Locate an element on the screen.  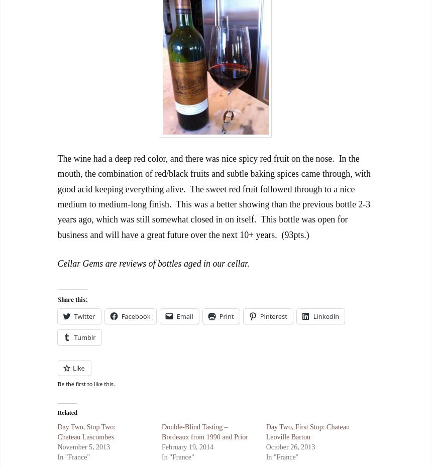
'Twitter' is located at coordinates (83, 316).